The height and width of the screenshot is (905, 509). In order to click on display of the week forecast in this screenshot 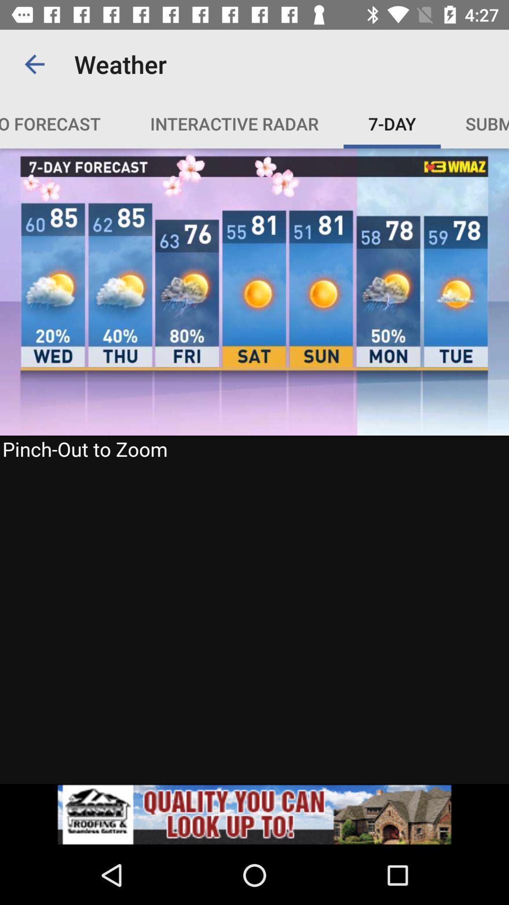, I will do `click(254, 466)`.